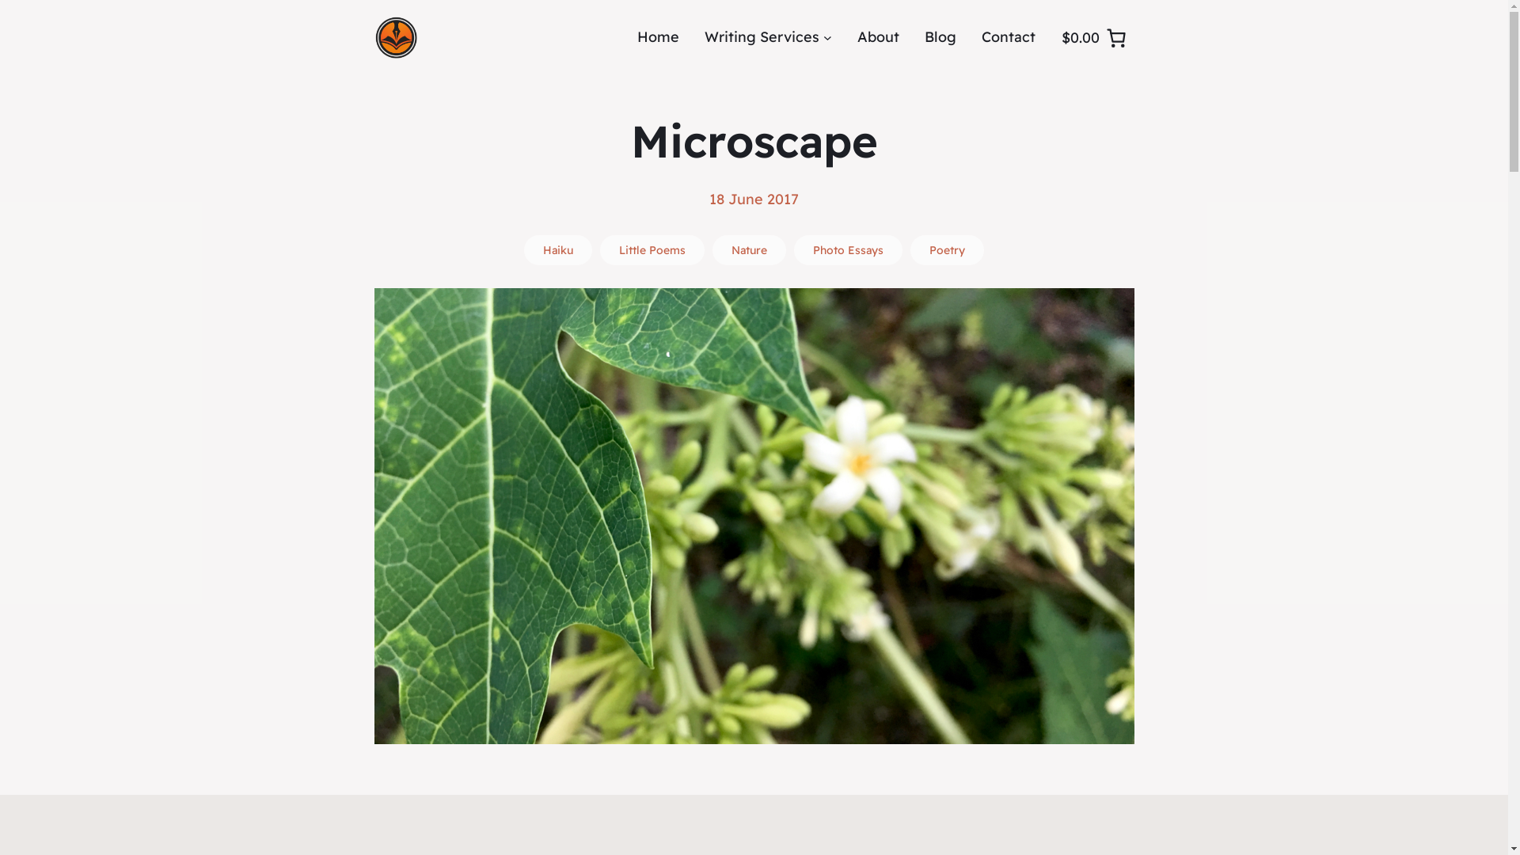 The width and height of the screenshot is (1520, 855). I want to click on 'Poetry', so click(947, 249).